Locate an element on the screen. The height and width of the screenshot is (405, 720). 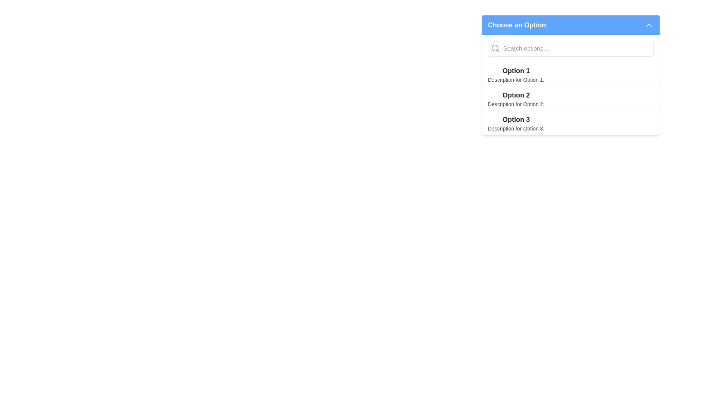
the SVG circle element that serves as the circular base of the search icon, positioned near the top-left corner of the dropdown search bar area is located at coordinates (495, 48).